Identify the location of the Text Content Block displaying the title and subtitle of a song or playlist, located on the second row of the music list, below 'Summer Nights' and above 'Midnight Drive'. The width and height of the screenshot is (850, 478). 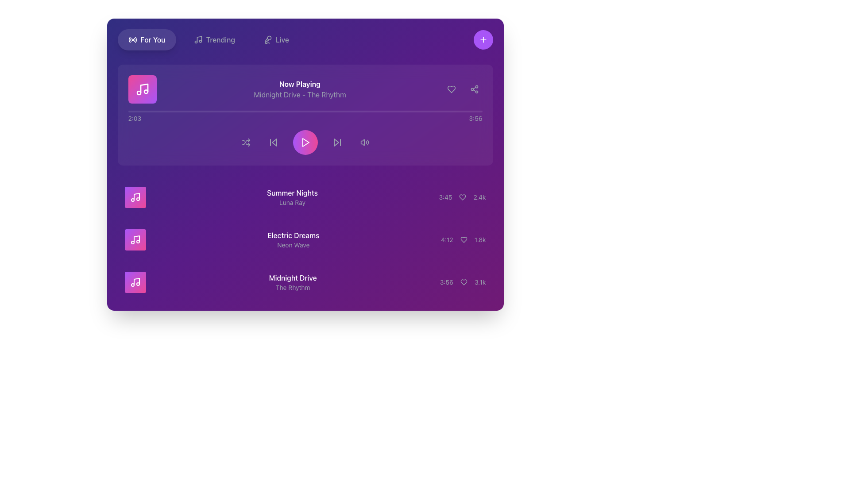
(293, 240).